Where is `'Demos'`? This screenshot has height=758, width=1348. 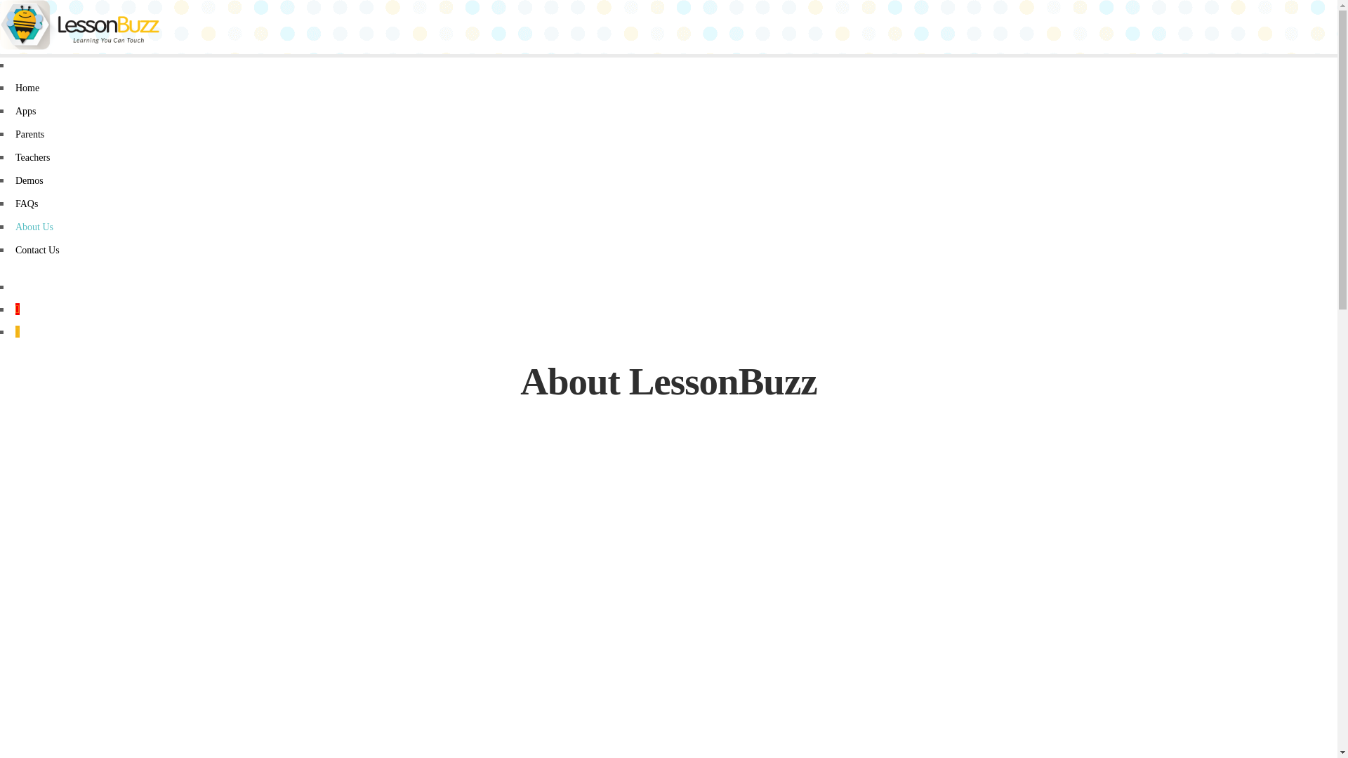
'Demos' is located at coordinates (15, 180).